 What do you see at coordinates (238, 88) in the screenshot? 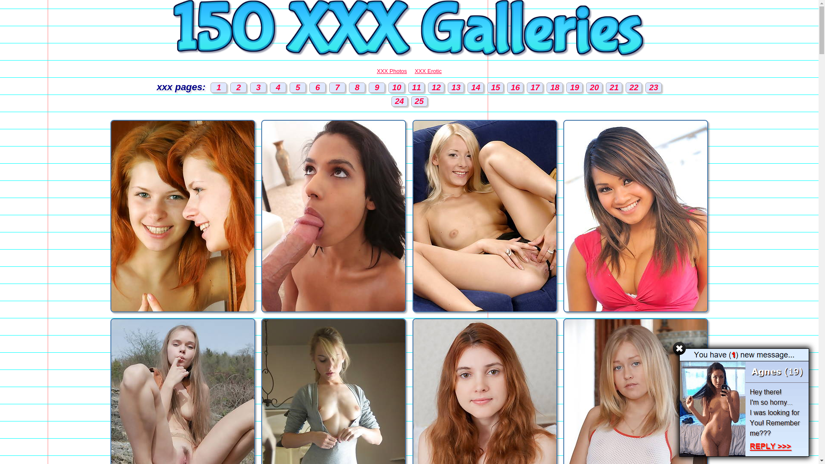
I see `'2'` at bounding box center [238, 88].